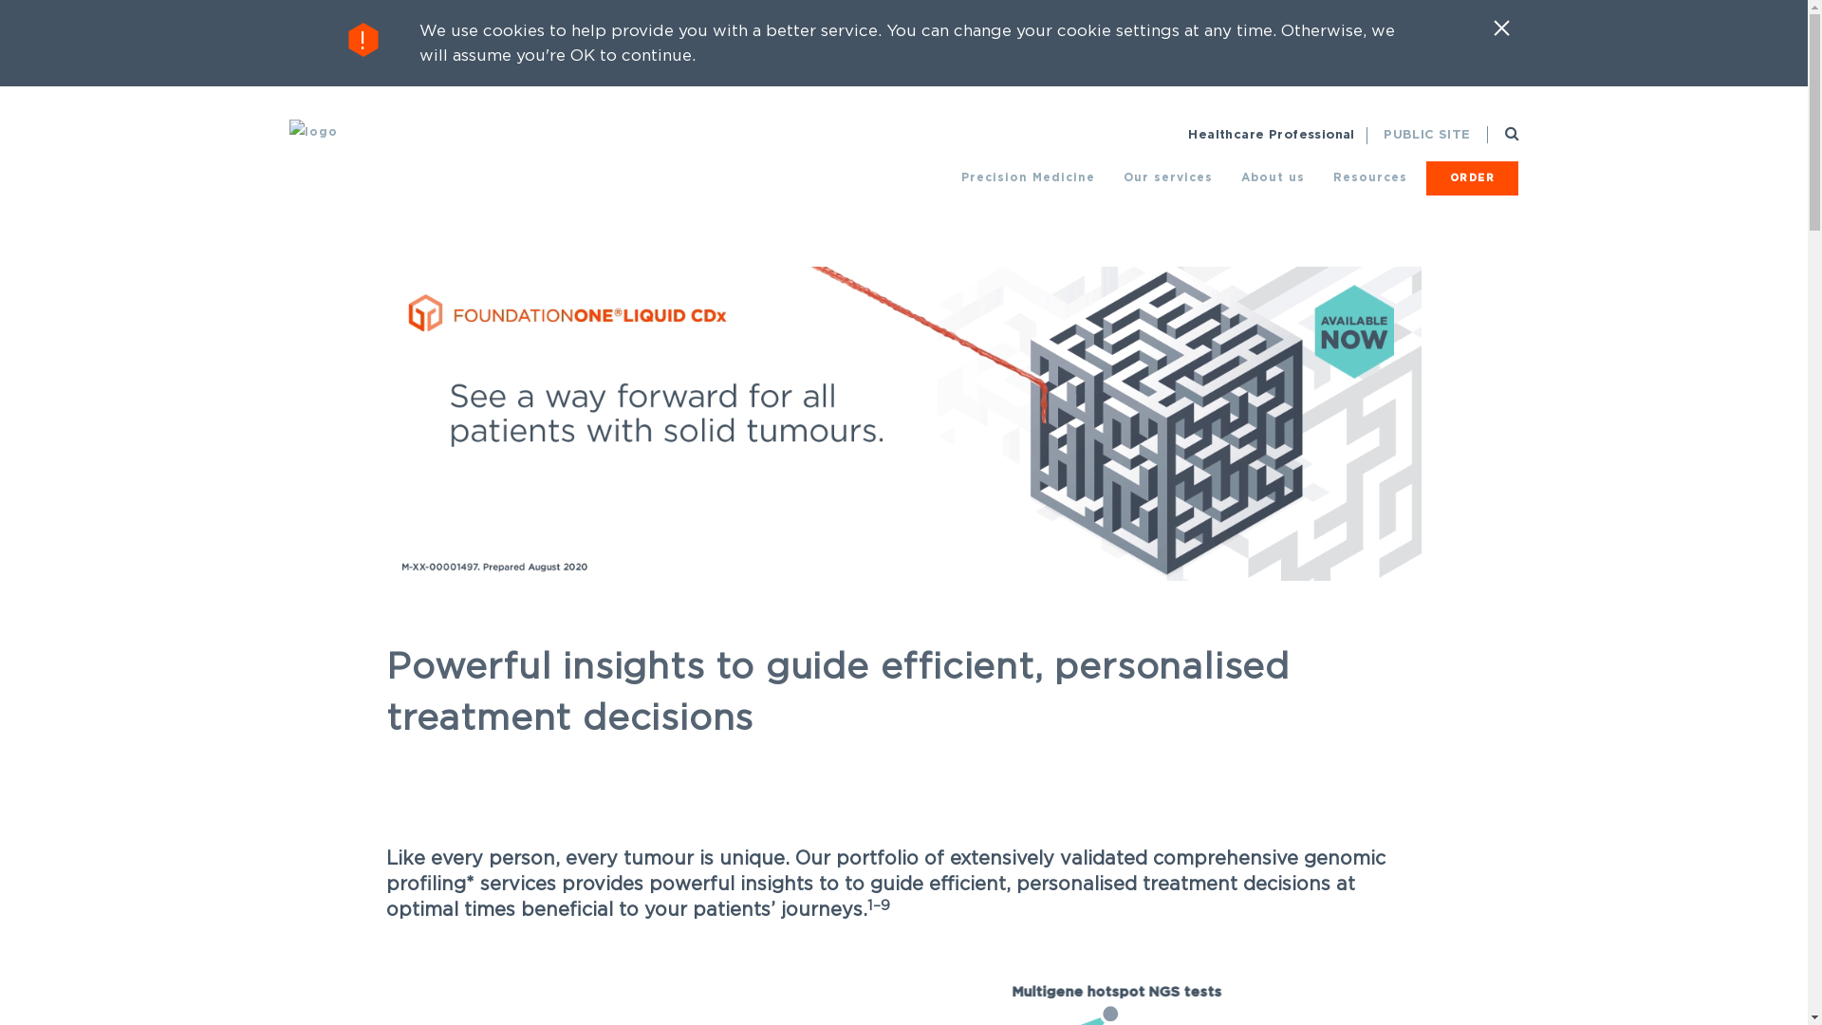 Image resolution: width=1822 pixels, height=1025 pixels. What do you see at coordinates (1426, 134) in the screenshot?
I see `'PUBLIC SITE'` at bounding box center [1426, 134].